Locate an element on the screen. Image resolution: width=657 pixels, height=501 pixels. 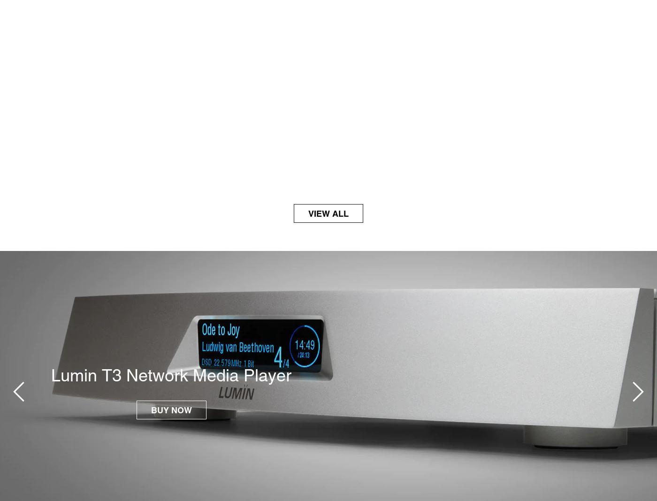
'$1,498.00' is located at coordinates (44, 163).